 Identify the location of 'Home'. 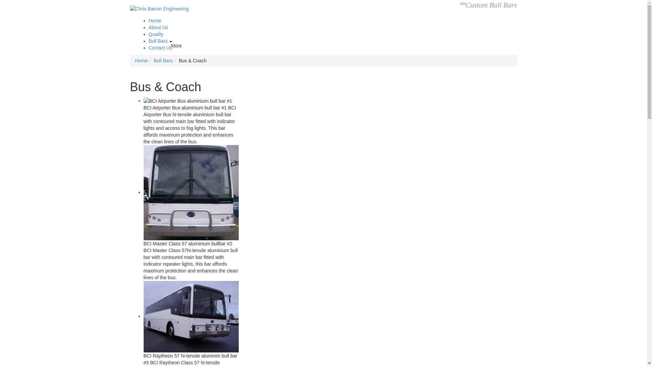
(141, 60).